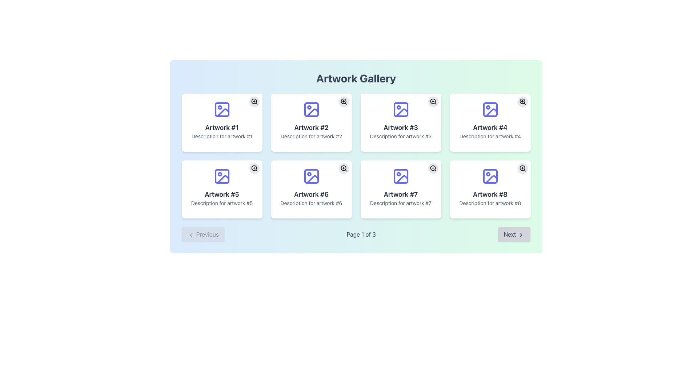 This screenshot has width=698, height=392. Describe the element at coordinates (221, 203) in the screenshot. I see `the Text label providing additional information about 'Artwork #5', which is positioned directly below its title in the card layout` at that location.